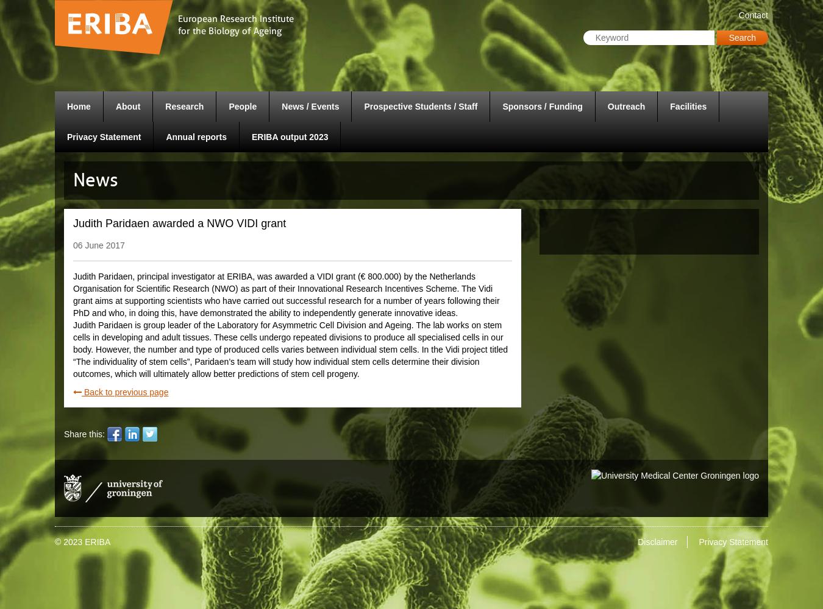 The width and height of the screenshot is (823, 609). I want to click on 'Sponsors / Funding', so click(542, 107).